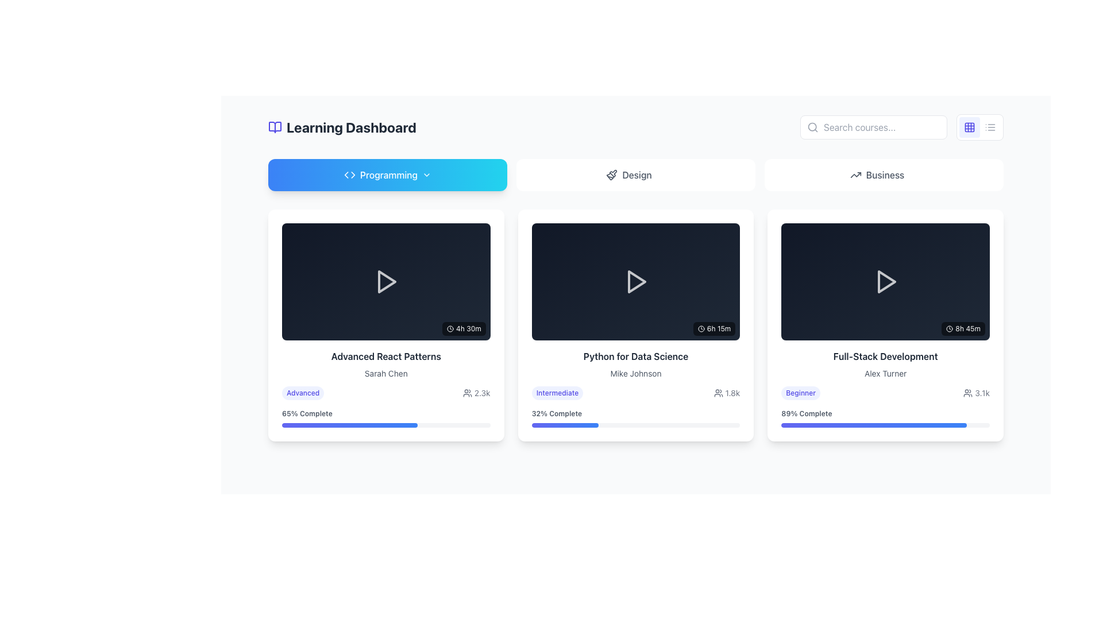  What do you see at coordinates (700, 329) in the screenshot?
I see `the small circular clock icon with a black background and red circular border located in the top-right area of the 'Python for Data Science' card` at bounding box center [700, 329].